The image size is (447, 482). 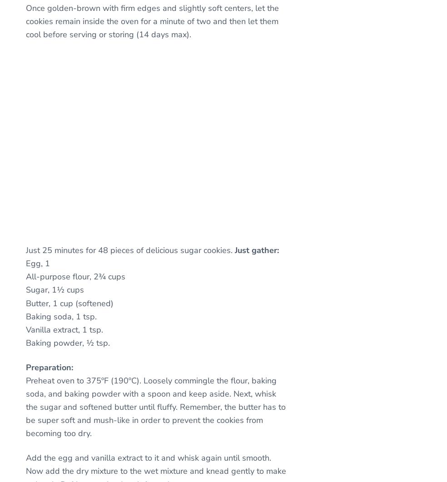 I want to click on 'All-purpose flour, 2¾ cups', so click(x=75, y=276).